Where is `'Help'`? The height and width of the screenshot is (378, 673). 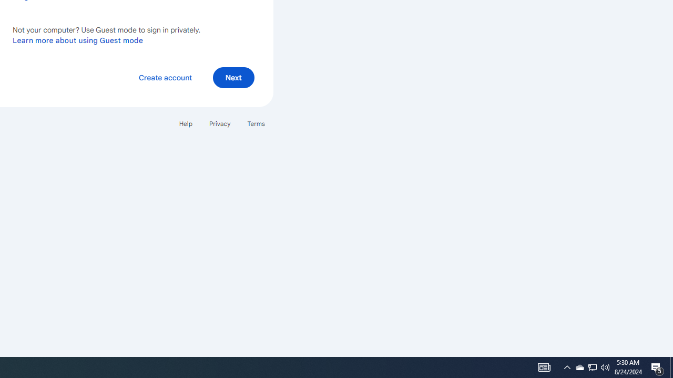 'Help' is located at coordinates (185, 123).